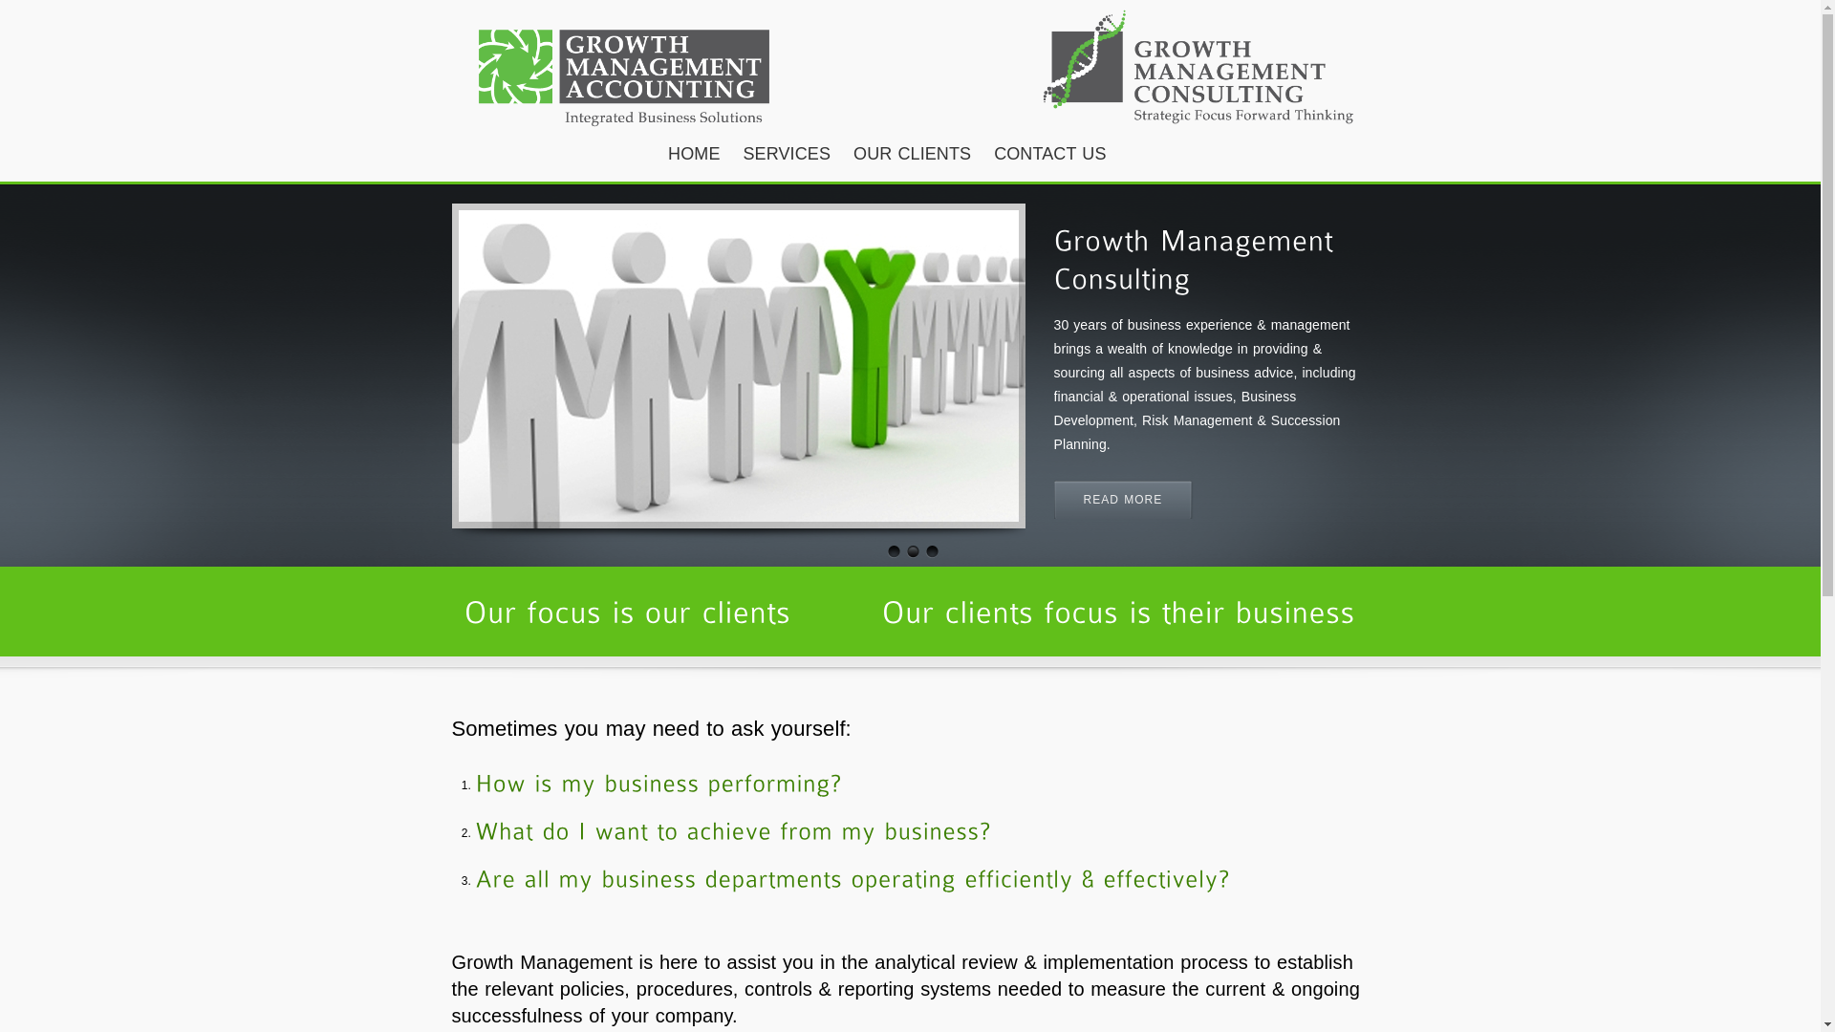 This screenshot has height=1032, width=1835. What do you see at coordinates (1048, 154) in the screenshot?
I see `'CONTACT US'` at bounding box center [1048, 154].